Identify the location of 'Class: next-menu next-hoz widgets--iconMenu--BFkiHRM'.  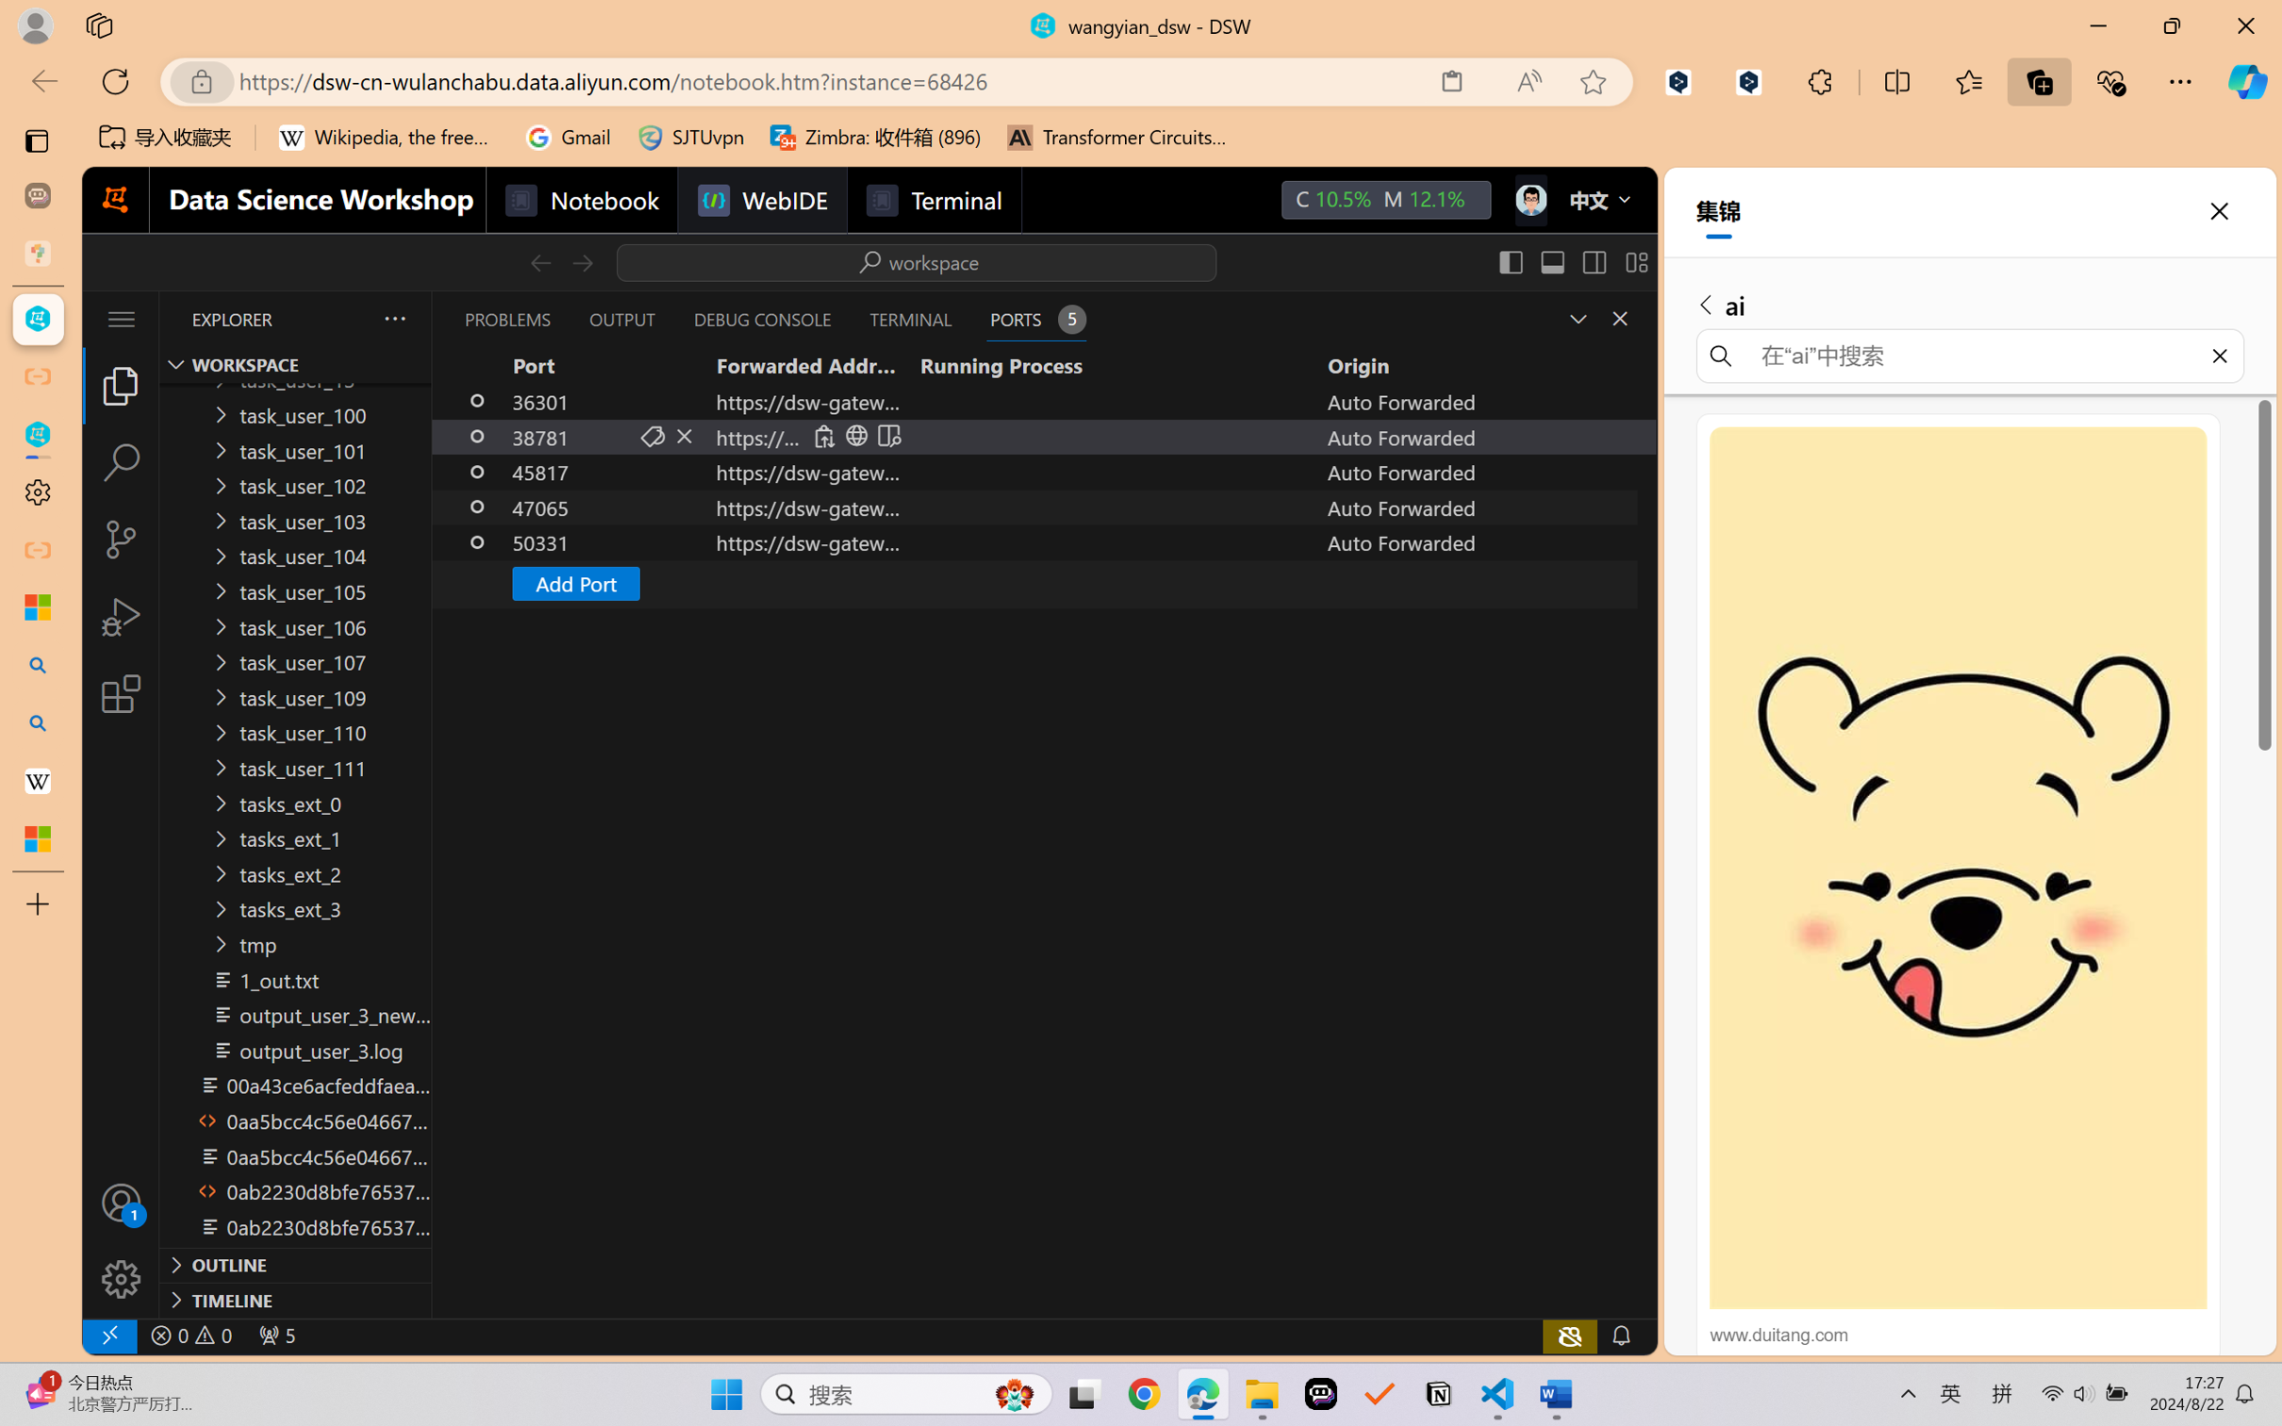
(1529, 199).